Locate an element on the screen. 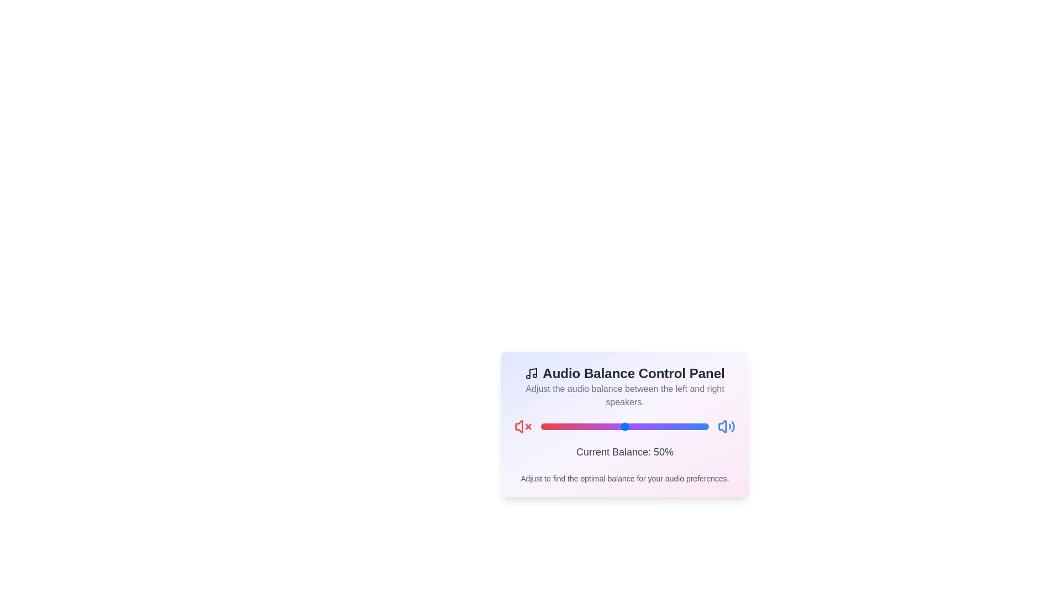 This screenshot has width=1061, height=597. the balance slider to 98% is located at coordinates (705, 426).